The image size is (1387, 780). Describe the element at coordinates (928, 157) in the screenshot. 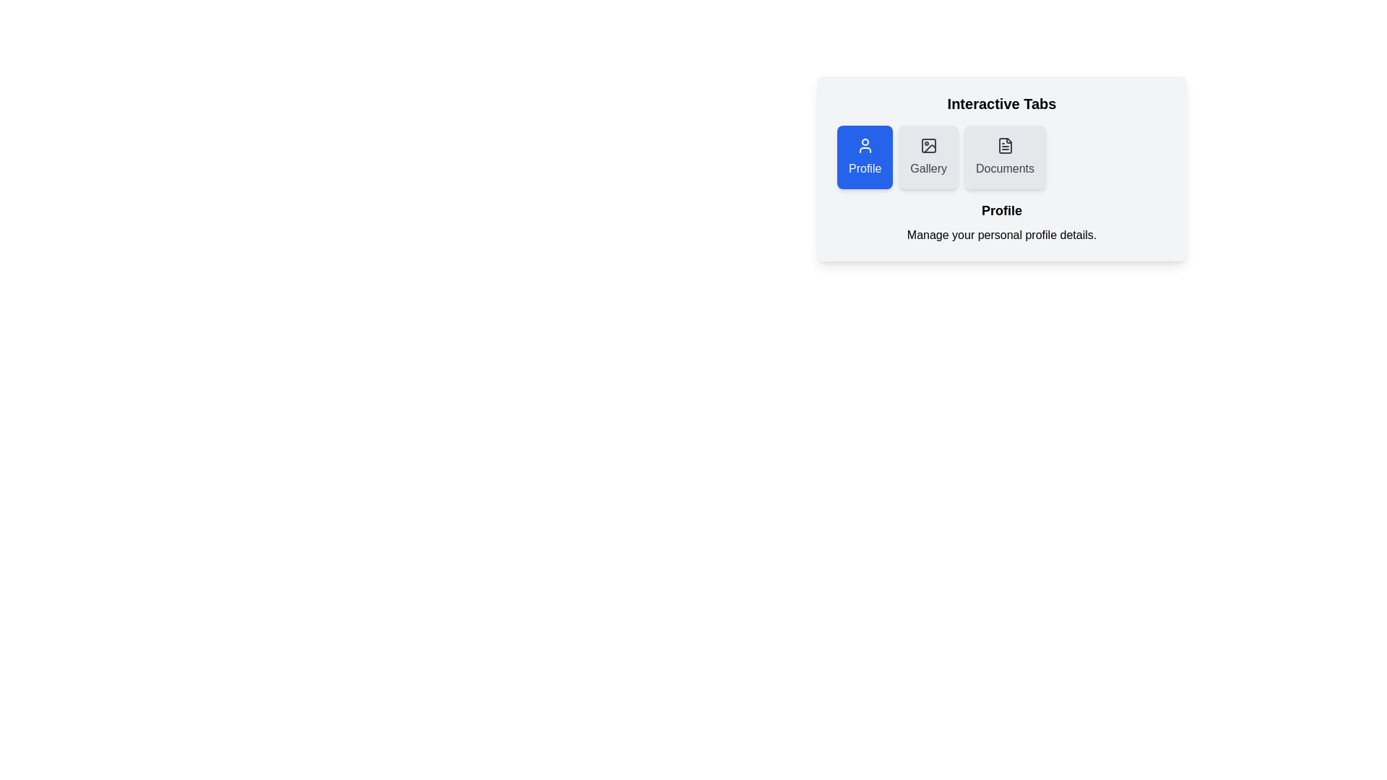

I see `the Gallery tab by clicking on it` at that location.